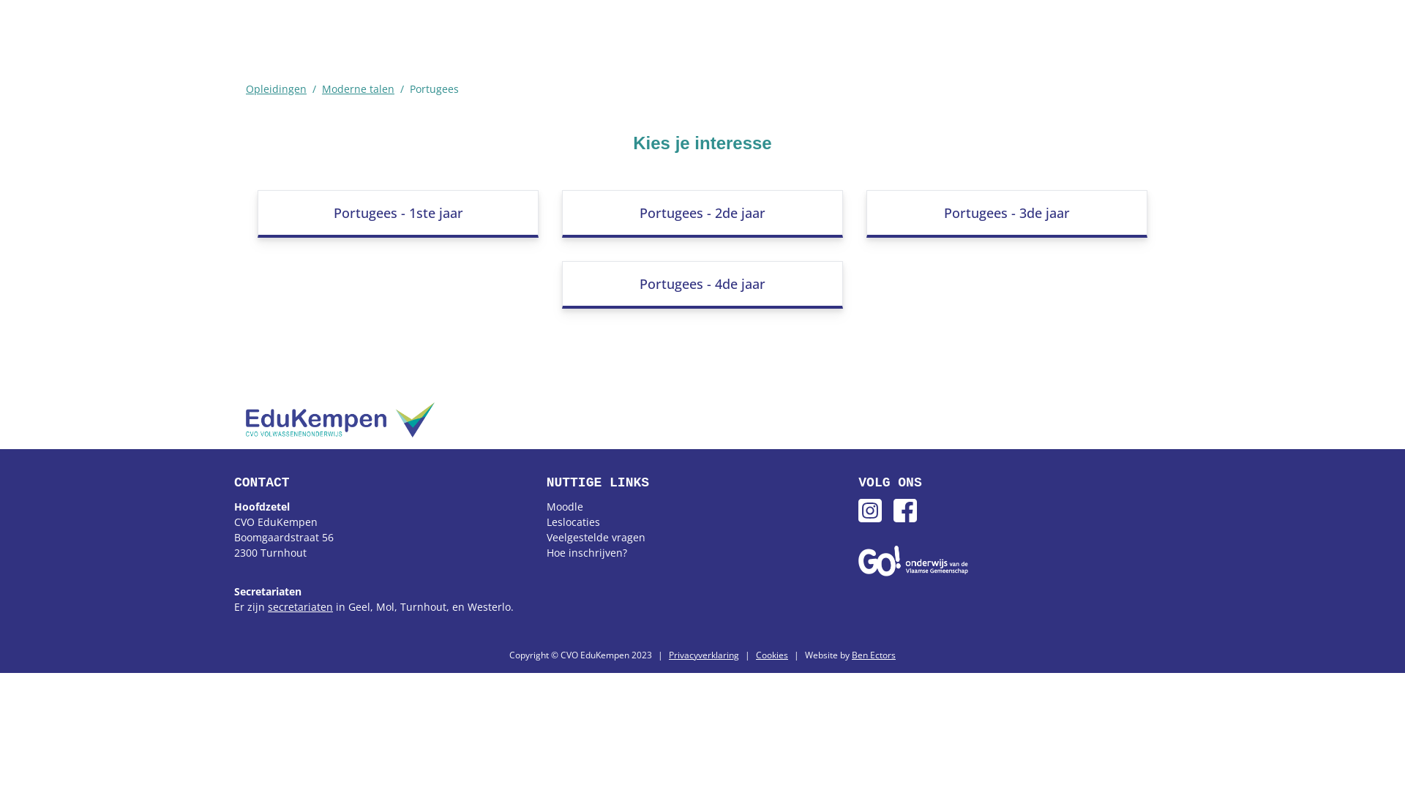  Describe the element at coordinates (596, 537) in the screenshot. I see `'Veelgestelde vragen'` at that location.